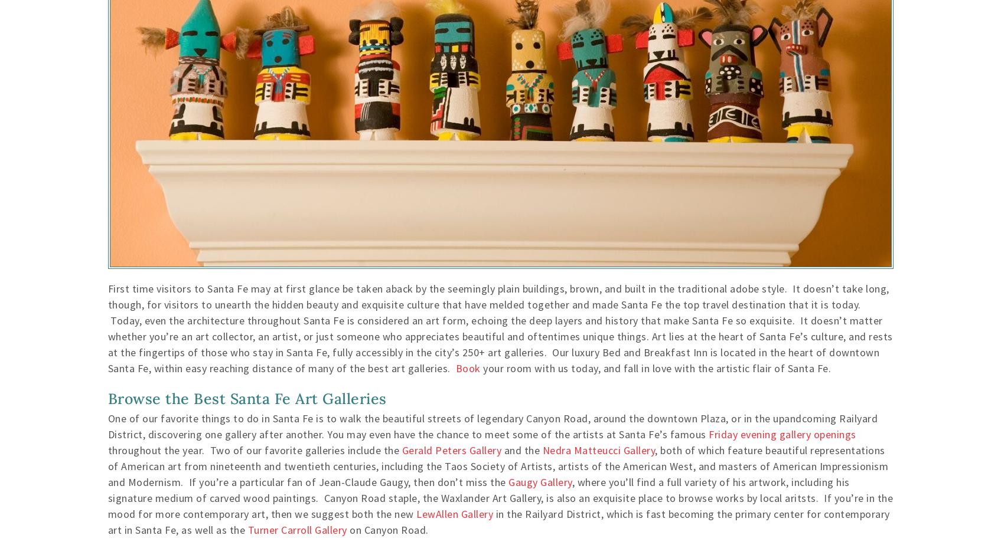 This screenshot has height=545, width=1001. What do you see at coordinates (492, 426) in the screenshot?
I see `'One of our favorite things to do in Santa Fe is to walk the beautiful streets of legendary Canyon Road, around the downtown Plaza, or in the upandcoming Railyard District, discovering one gallery after another. You may even have the chance to meet some of the artists at Santa Fe’s famous'` at bounding box center [492, 426].